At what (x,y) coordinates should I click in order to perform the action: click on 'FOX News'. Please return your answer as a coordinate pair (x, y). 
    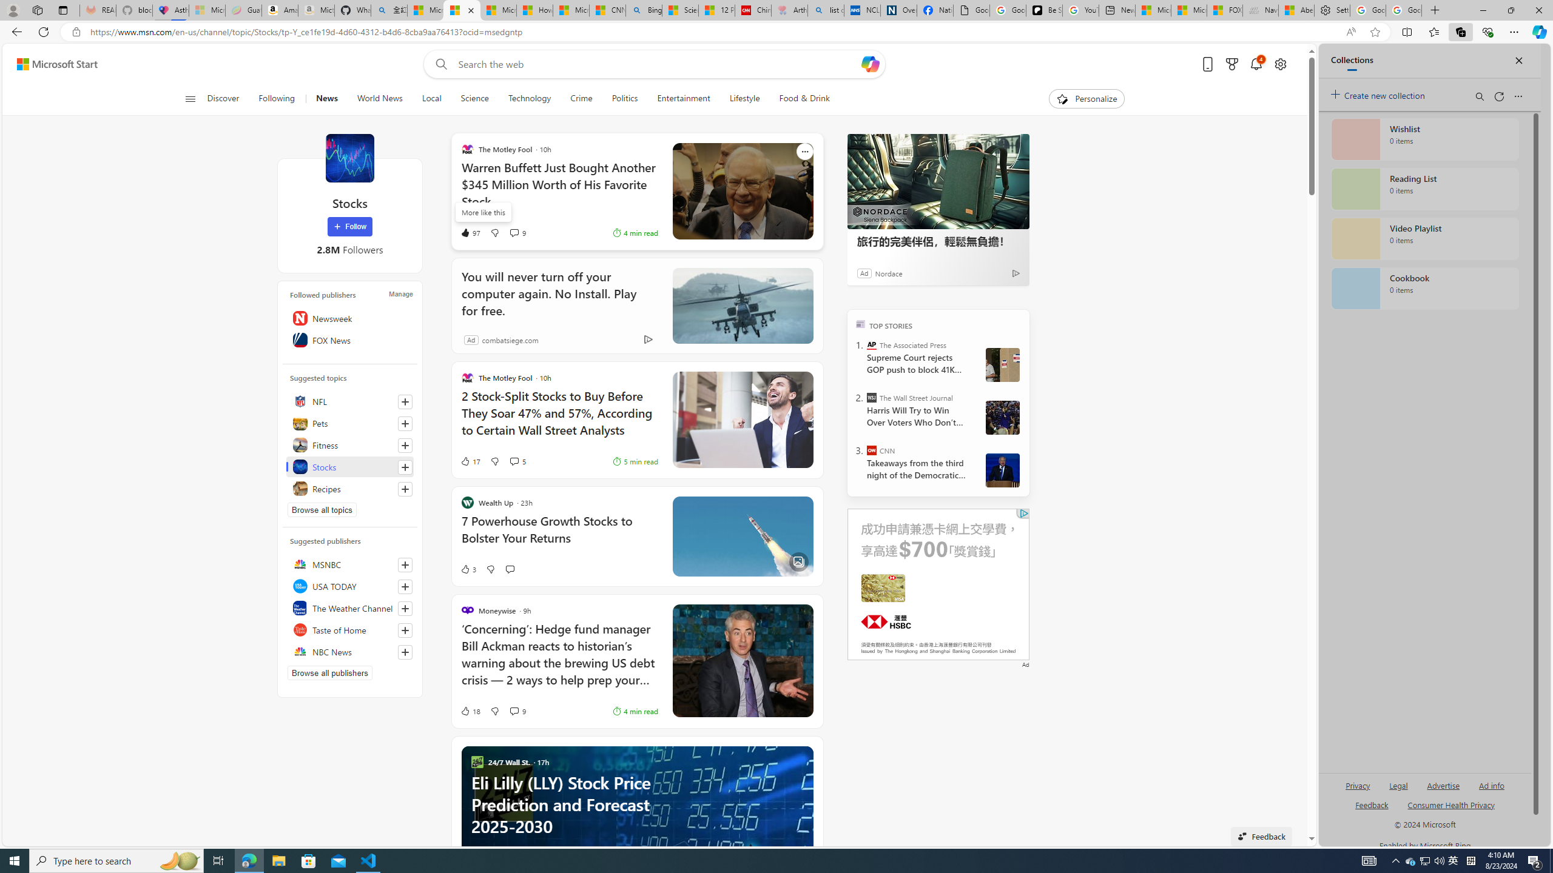
    Looking at the image, I should click on (349, 339).